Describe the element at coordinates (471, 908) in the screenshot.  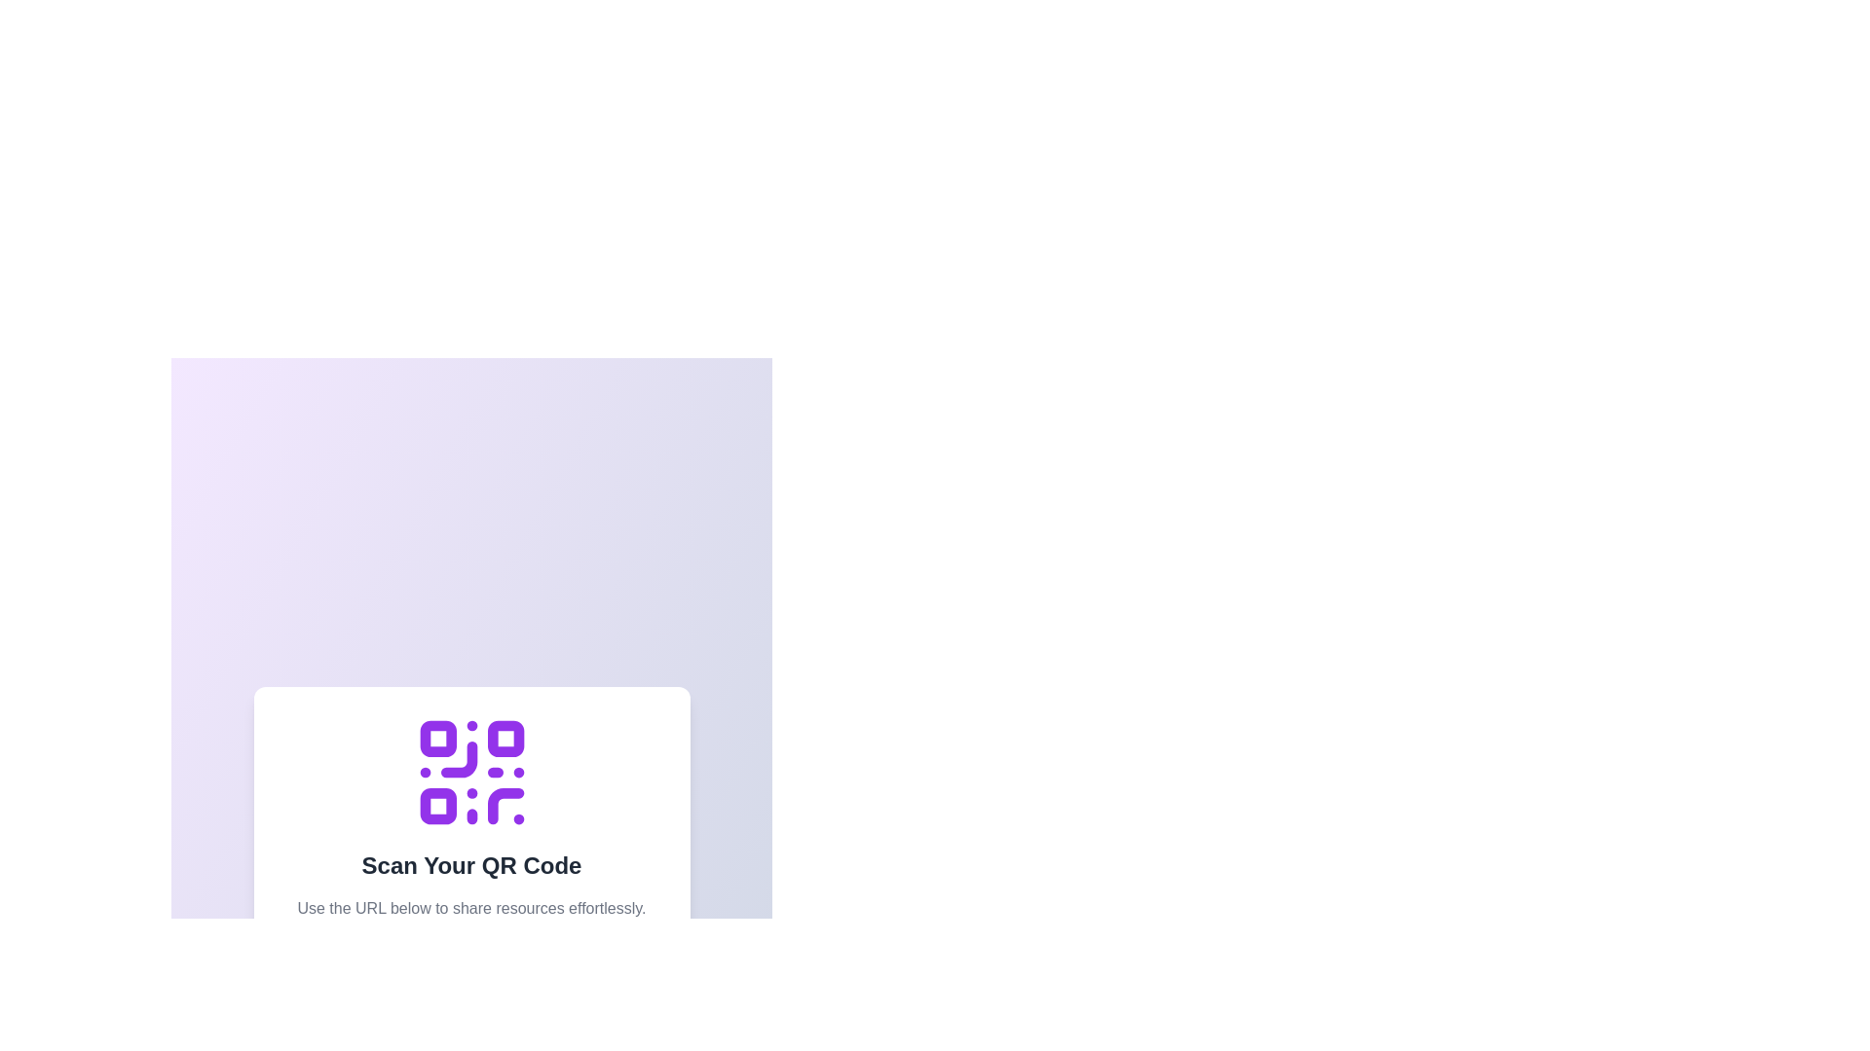
I see `text block containing the phrase 'Use the URL below to share resources effortlessly.' which is styled in gray and centered alignment, located directly below the title 'Scan Your QR Code'` at that location.